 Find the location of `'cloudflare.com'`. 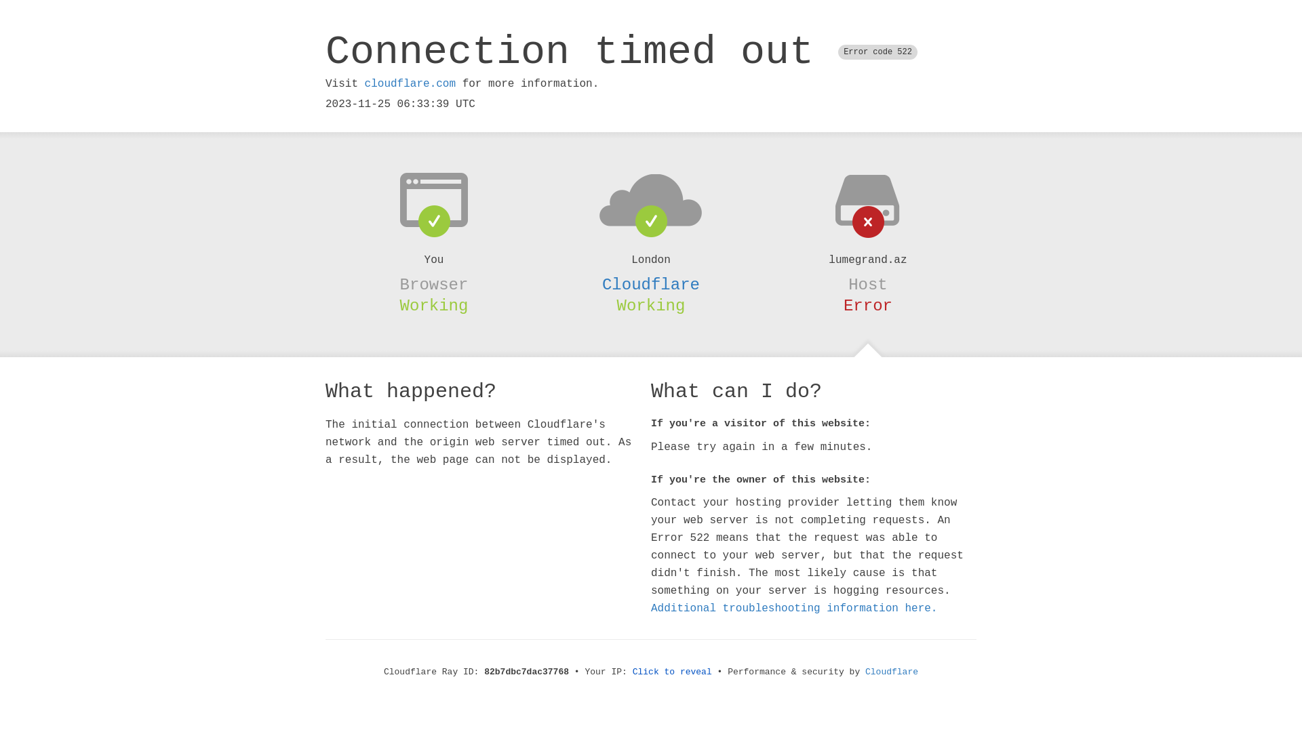

'cloudflare.com' is located at coordinates (364, 83).